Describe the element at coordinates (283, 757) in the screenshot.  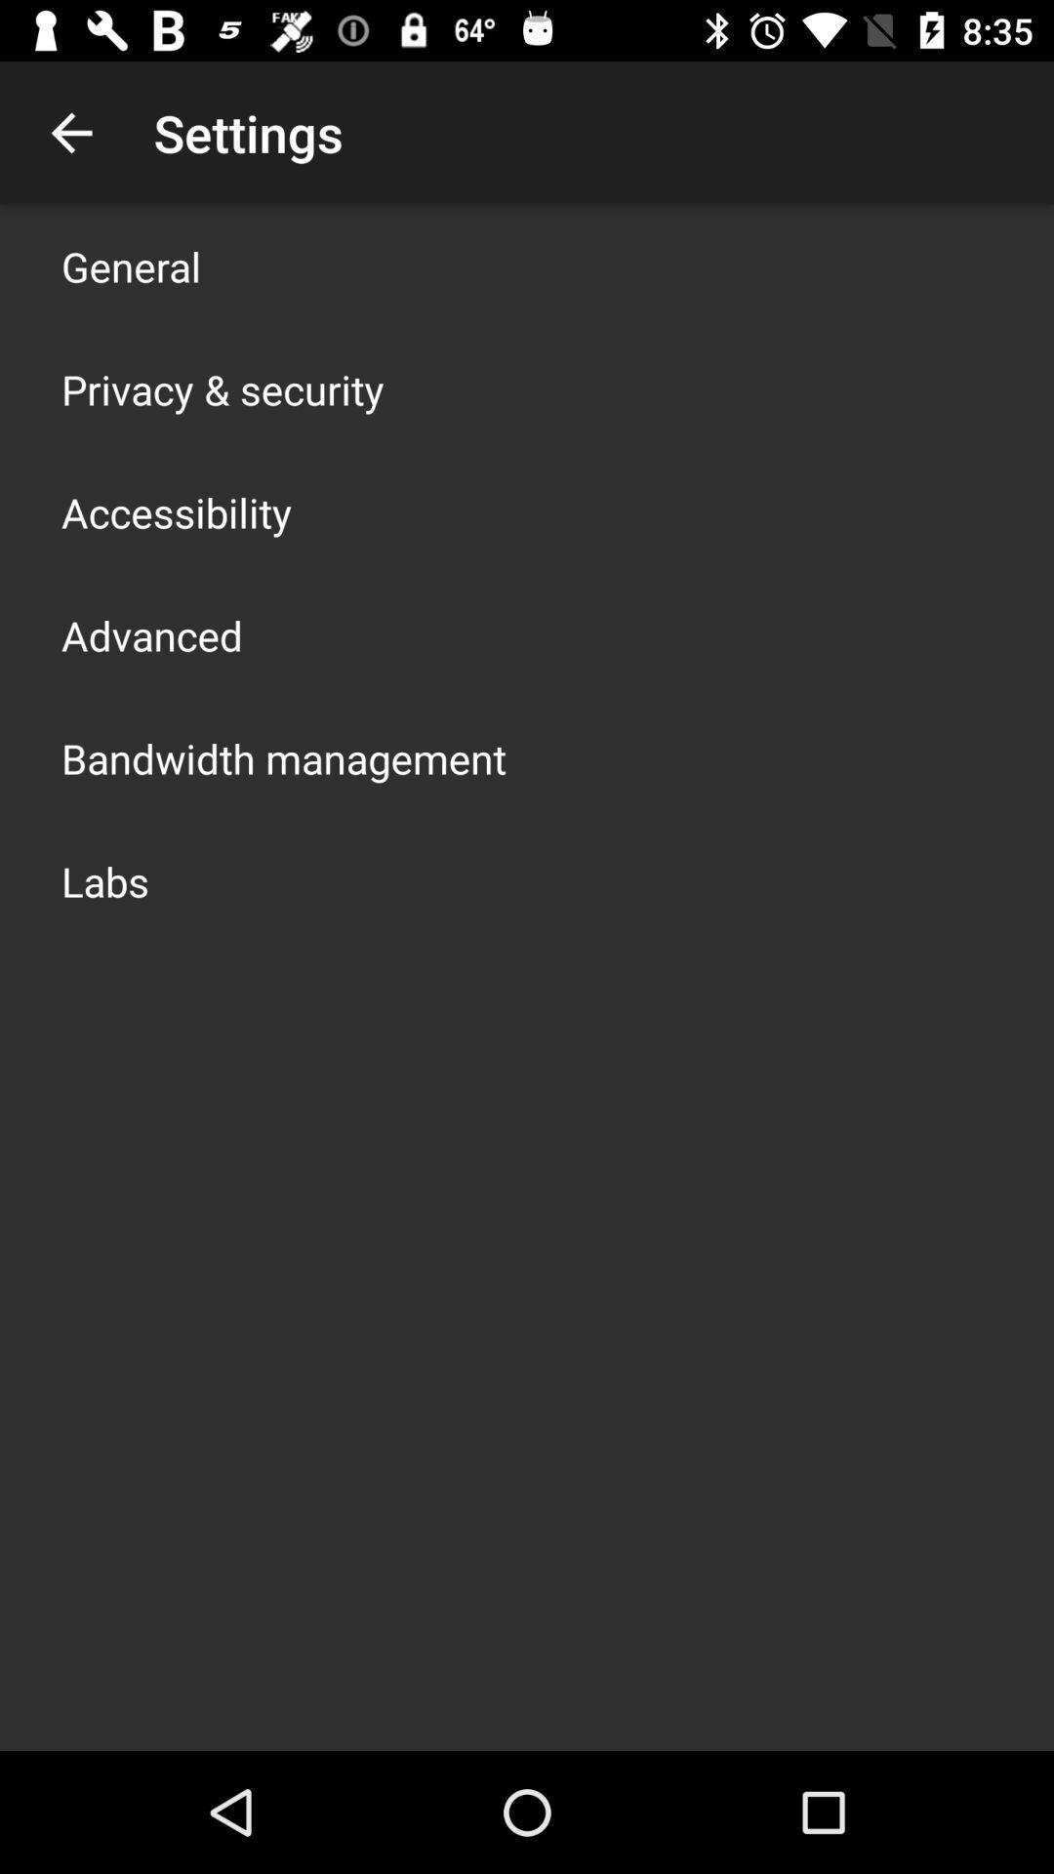
I see `icon below the advanced app` at that location.